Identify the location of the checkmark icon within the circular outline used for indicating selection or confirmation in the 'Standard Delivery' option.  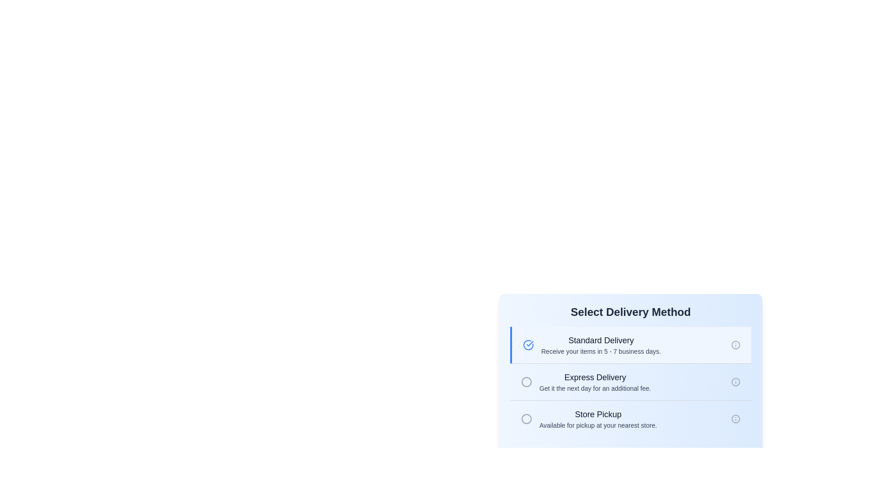
(530, 343).